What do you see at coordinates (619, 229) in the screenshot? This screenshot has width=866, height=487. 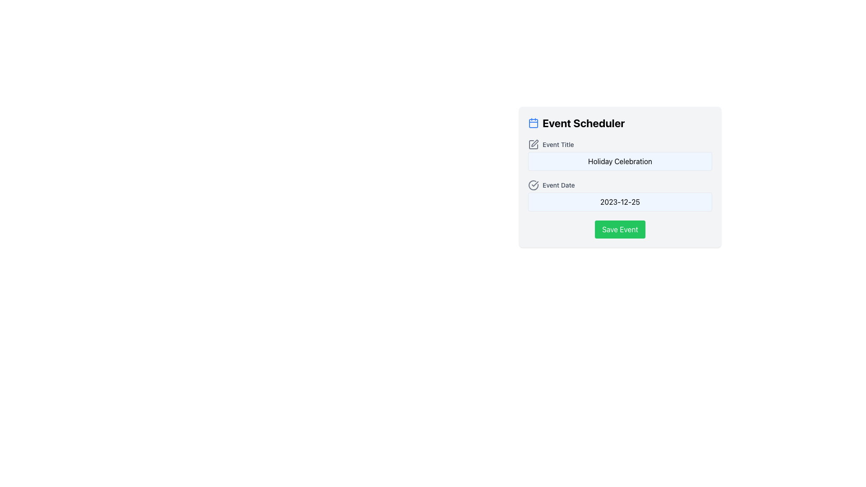 I see `the save button located below the form fields in the 'Event Scheduler' section, directly under the 'Event Date' input field` at bounding box center [619, 229].